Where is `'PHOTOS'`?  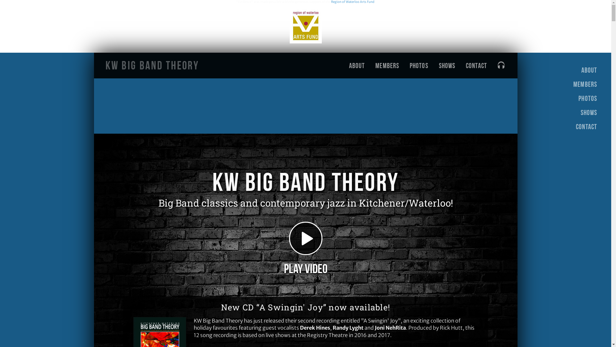
'PHOTOS' is located at coordinates (590, 98).